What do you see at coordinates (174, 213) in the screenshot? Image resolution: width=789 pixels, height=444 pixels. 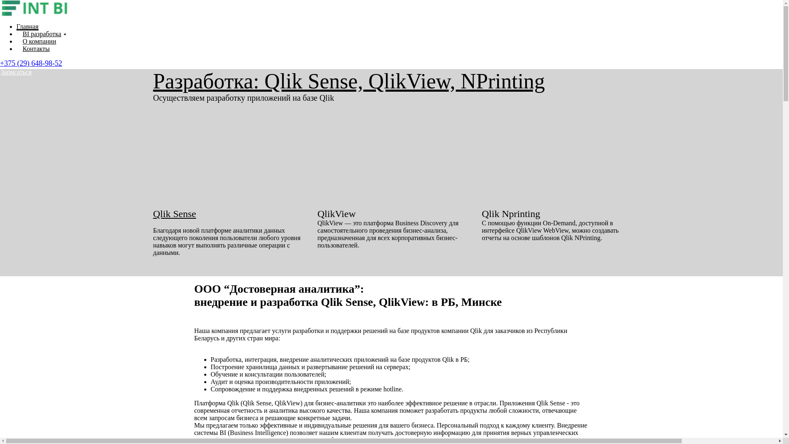 I see `'Qlik Sense'` at bounding box center [174, 213].